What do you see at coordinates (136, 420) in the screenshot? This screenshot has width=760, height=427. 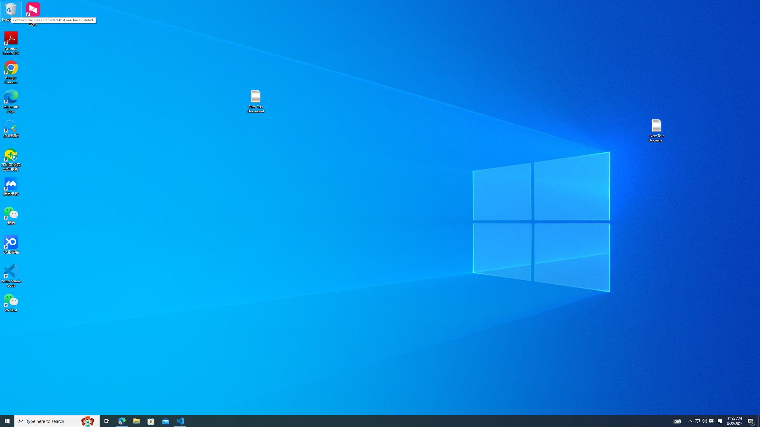 I see `'File Explorer'` at bounding box center [136, 420].